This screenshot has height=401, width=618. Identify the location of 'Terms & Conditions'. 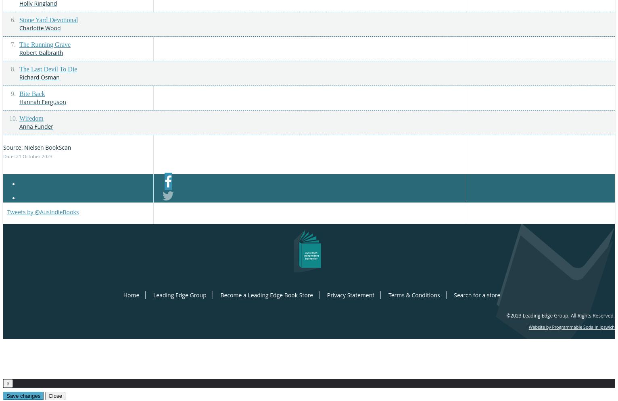
(413, 295).